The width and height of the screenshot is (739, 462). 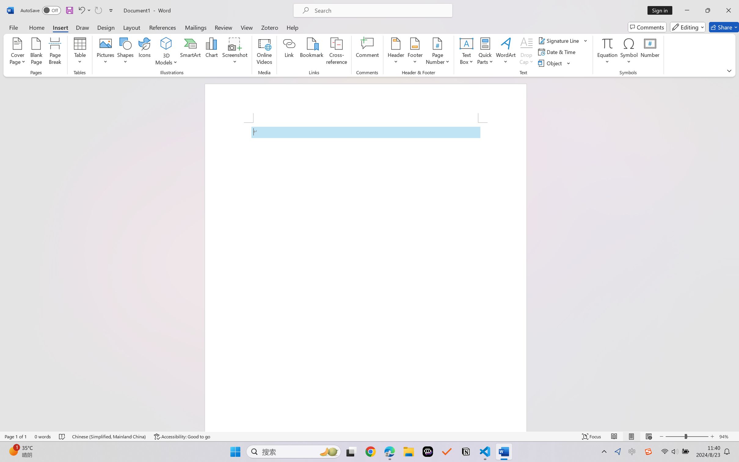 What do you see at coordinates (551, 63) in the screenshot?
I see `'Object...'` at bounding box center [551, 63].